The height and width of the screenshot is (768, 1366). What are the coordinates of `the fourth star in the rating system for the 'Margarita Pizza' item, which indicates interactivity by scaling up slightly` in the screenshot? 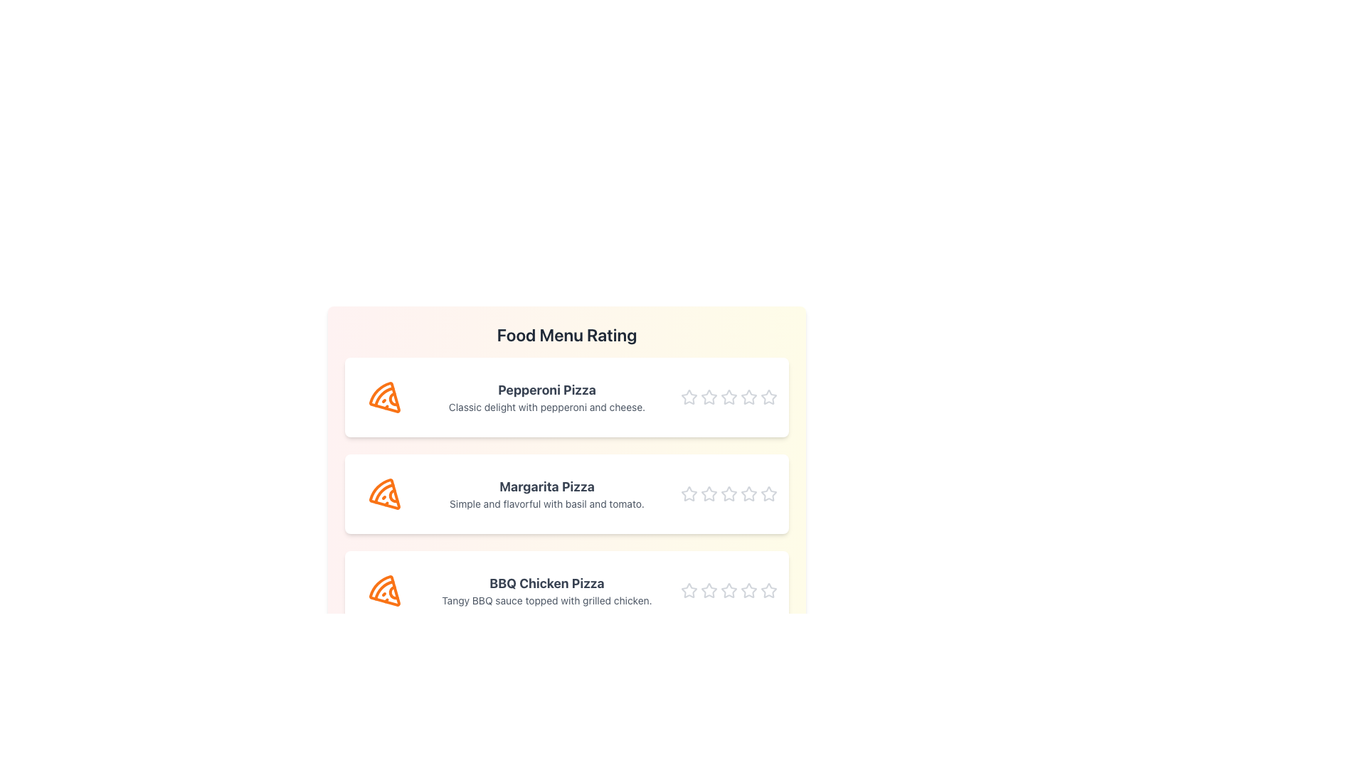 It's located at (748, 493).